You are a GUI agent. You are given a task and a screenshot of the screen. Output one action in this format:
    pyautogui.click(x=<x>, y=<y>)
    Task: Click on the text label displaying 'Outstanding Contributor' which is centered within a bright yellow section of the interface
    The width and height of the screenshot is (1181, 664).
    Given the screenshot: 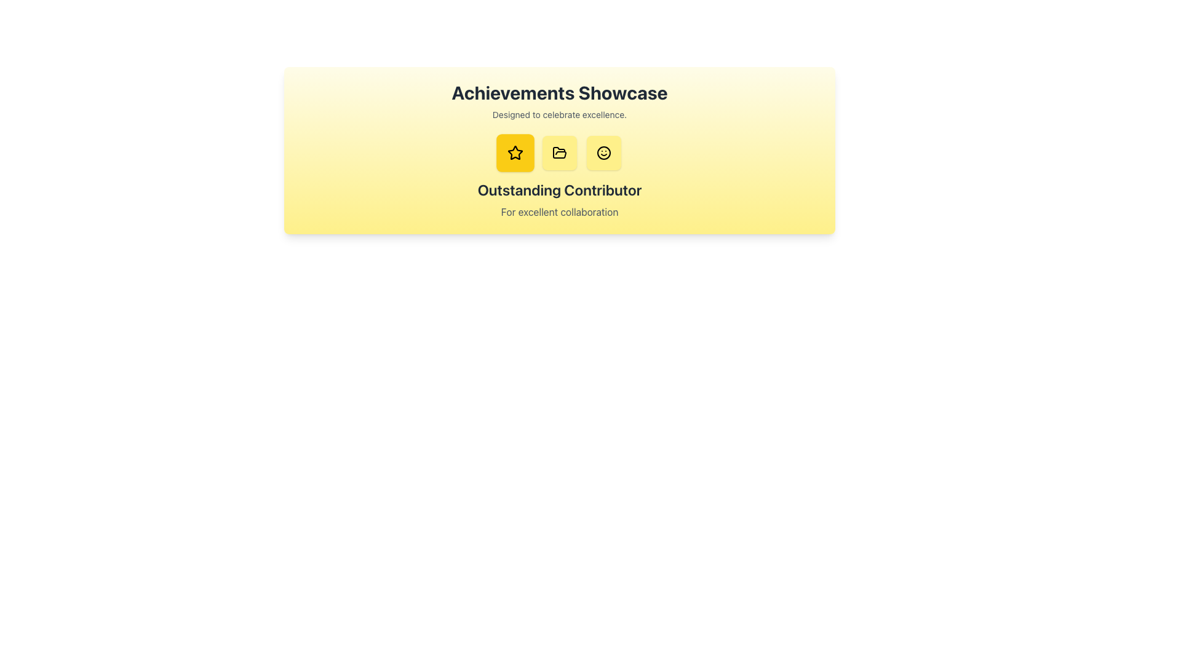 What is the action you would take?
    pyautogui.click(x=559, y=189)
    